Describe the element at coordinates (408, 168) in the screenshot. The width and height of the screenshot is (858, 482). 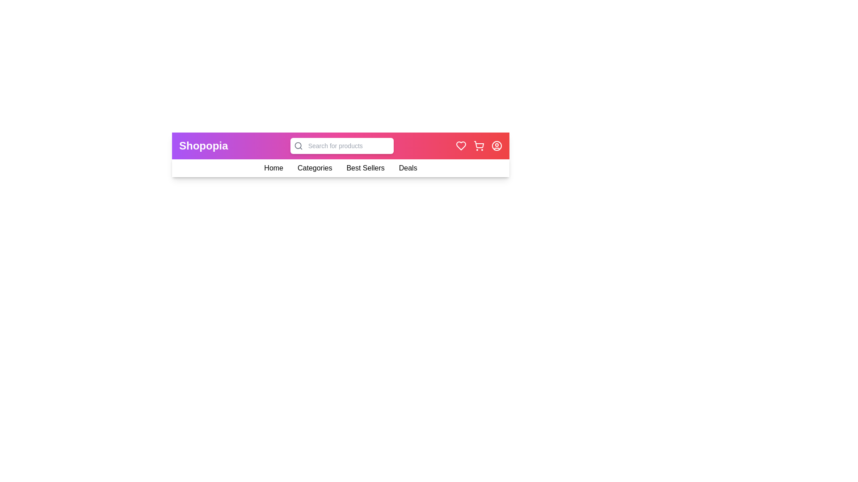
I see `the Deals navigation link` at that location.